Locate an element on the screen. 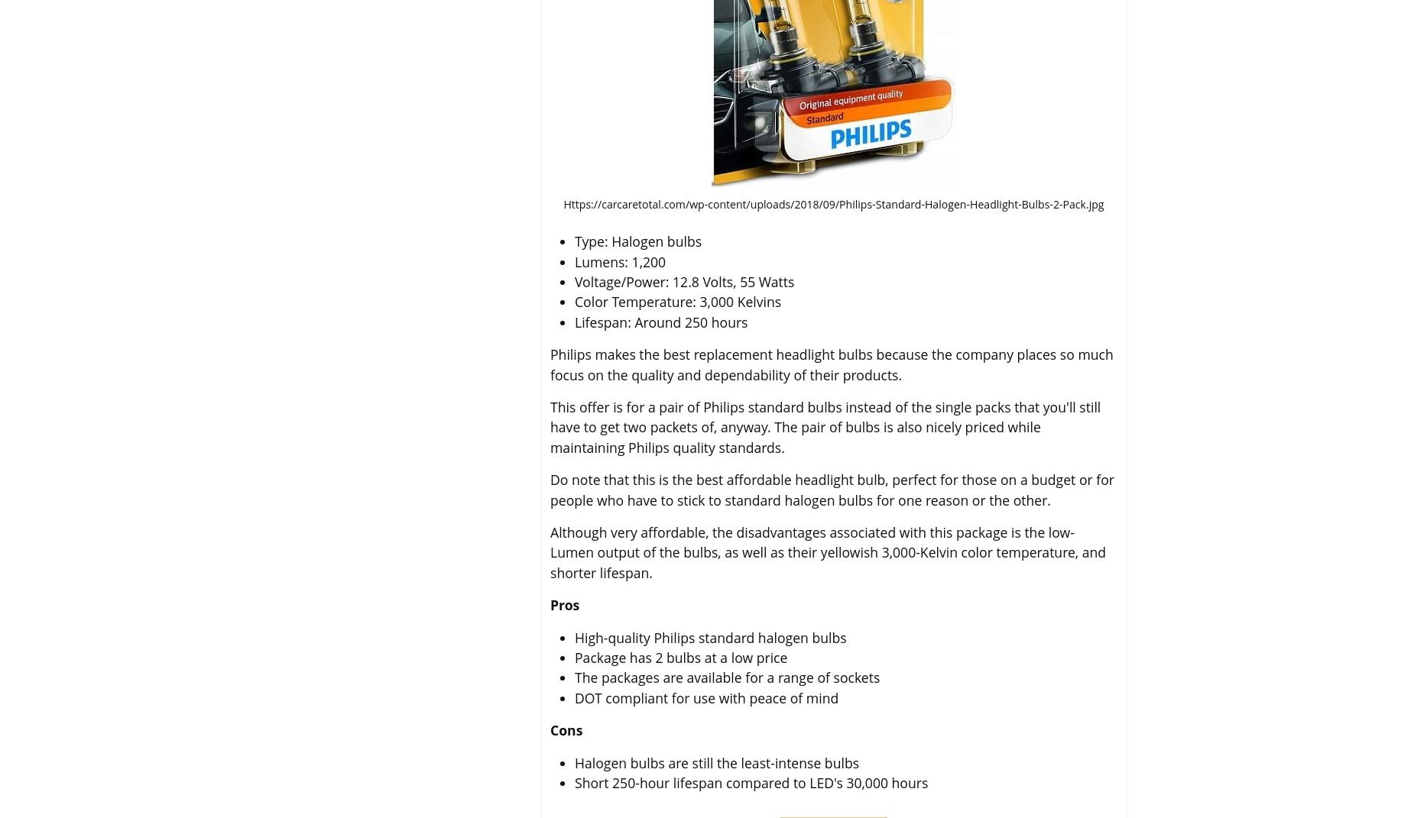 Image resolution: width=1414 pixels, height=818 pixels. 'This offer is for a pair of Philips standard bulbs instead of the single packs that you'll still have to get two packets of, anyway. The pair of bulbs is also nicely priced while maintaining Philips quality standards.' is located at coordinates (825, 426).